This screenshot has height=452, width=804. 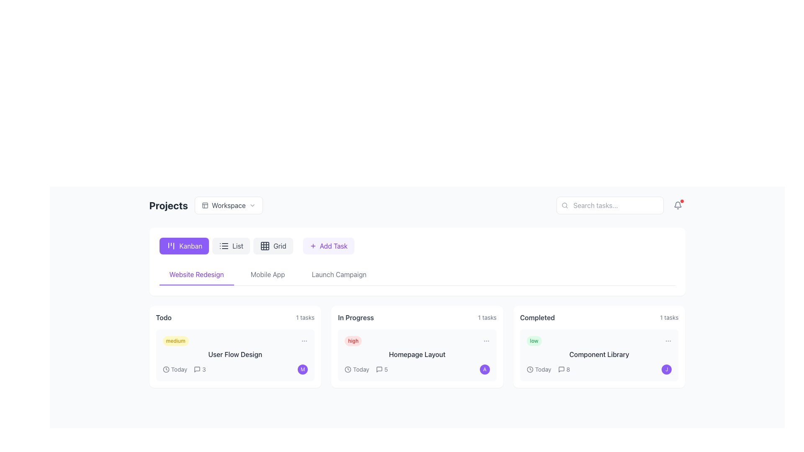 What do you see at coordinates (599, 354) in the screenshot?
I see `the 'Component Library' text label located in the bottom part of the 'Completed' card to engage with related elements in the card context` at bounding box center [599, 354].